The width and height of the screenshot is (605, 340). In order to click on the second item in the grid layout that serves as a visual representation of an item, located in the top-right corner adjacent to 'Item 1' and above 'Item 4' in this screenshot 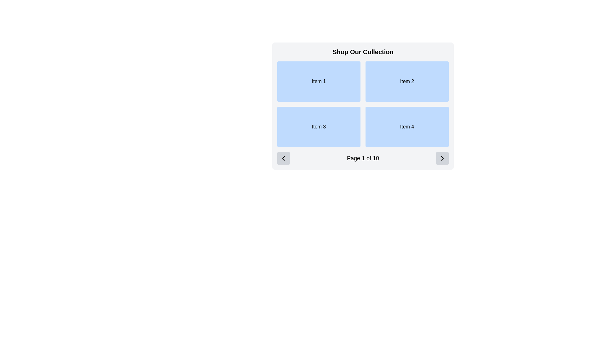, I will do `click(407, 81)`.